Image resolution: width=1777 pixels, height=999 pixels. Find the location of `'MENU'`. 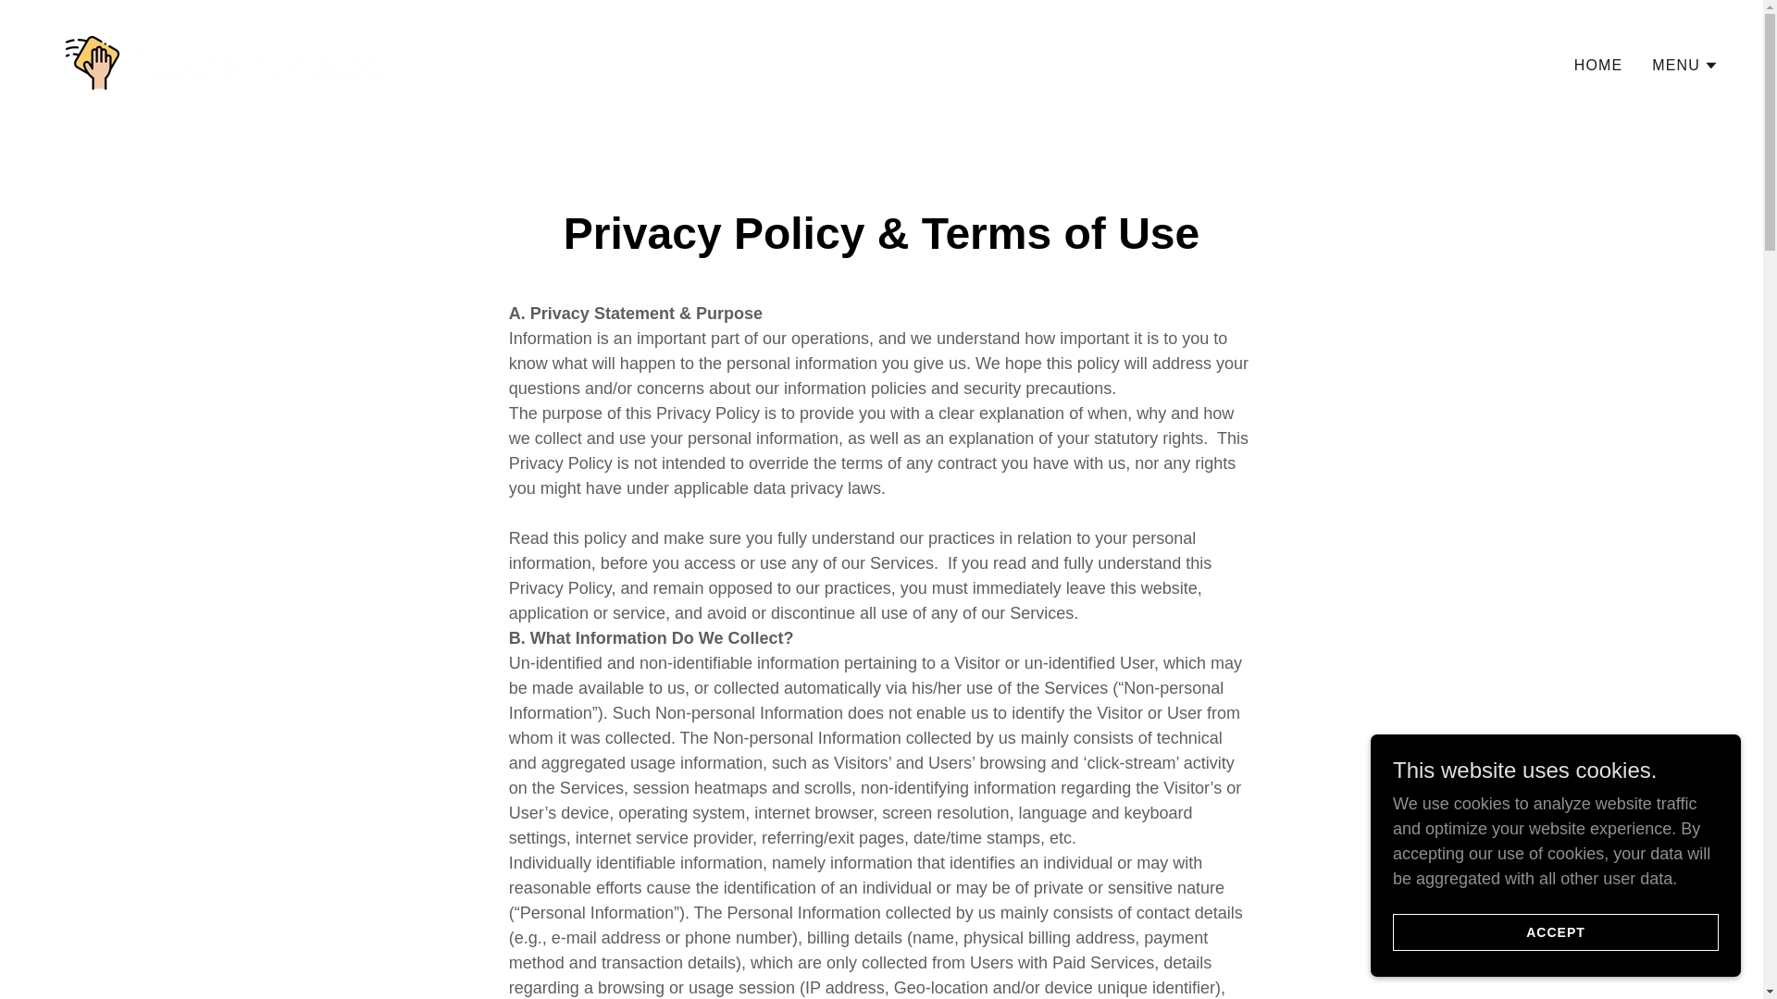

'MENU' is located at coordinates (1684, 63).